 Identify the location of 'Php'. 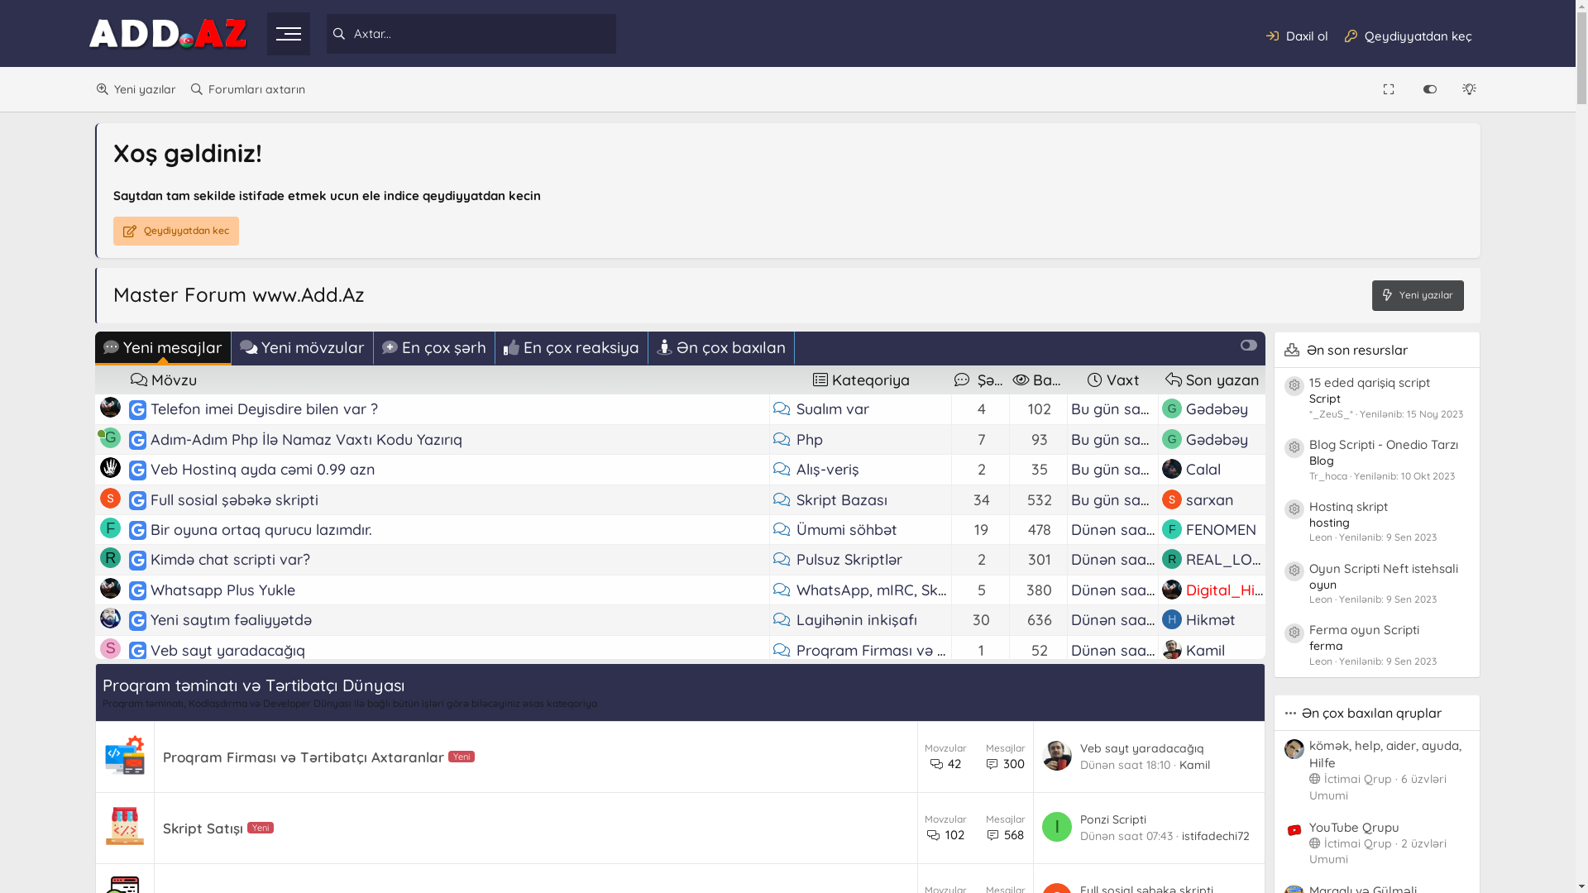
(796, 438).